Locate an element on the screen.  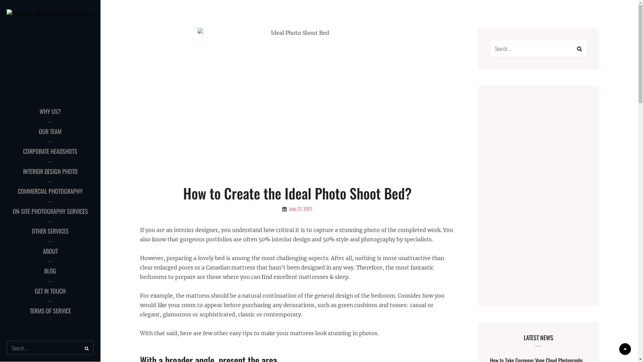
'COMMERCIAL PHOTOGRAPHY' is located at coordinates (50, 191).